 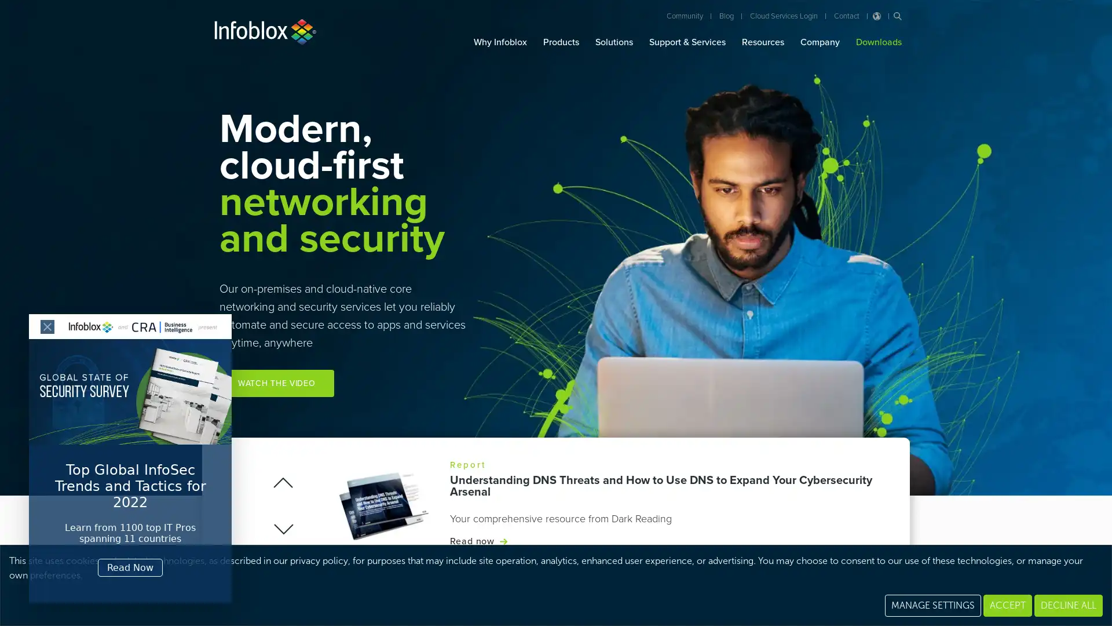 What do you see at coordinates (281, 528) in the screenshot?
I see `Next` at bounding box center [281, 528].